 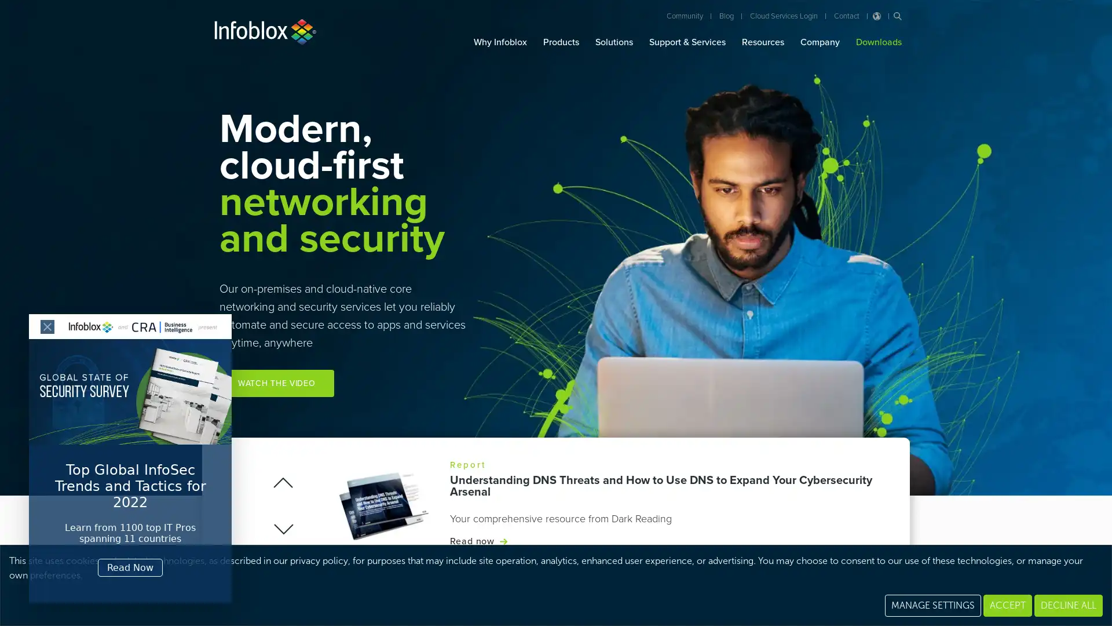 What do you see at coordinates (281, 528) in the screenshot?
I see `Next` at bounding box center [281, 528].